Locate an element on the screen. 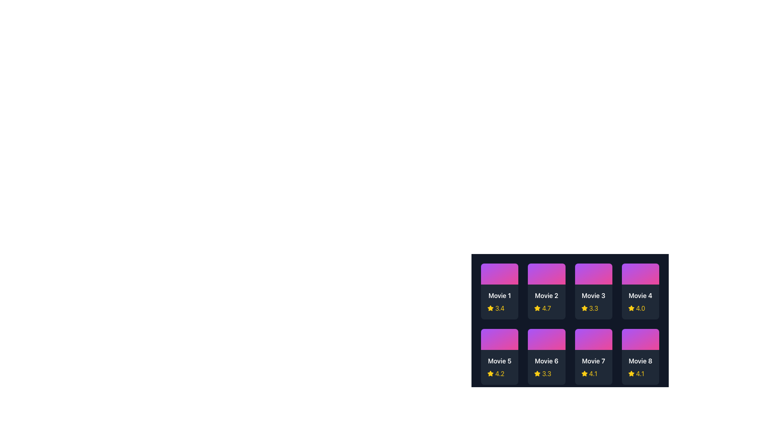 This screenshot has height=428, width=762. the yellow star-shaped rating icon for 'Movie 7', located below the title and adjacent to the rating text '4.1' is located at coordinates (584, 373).